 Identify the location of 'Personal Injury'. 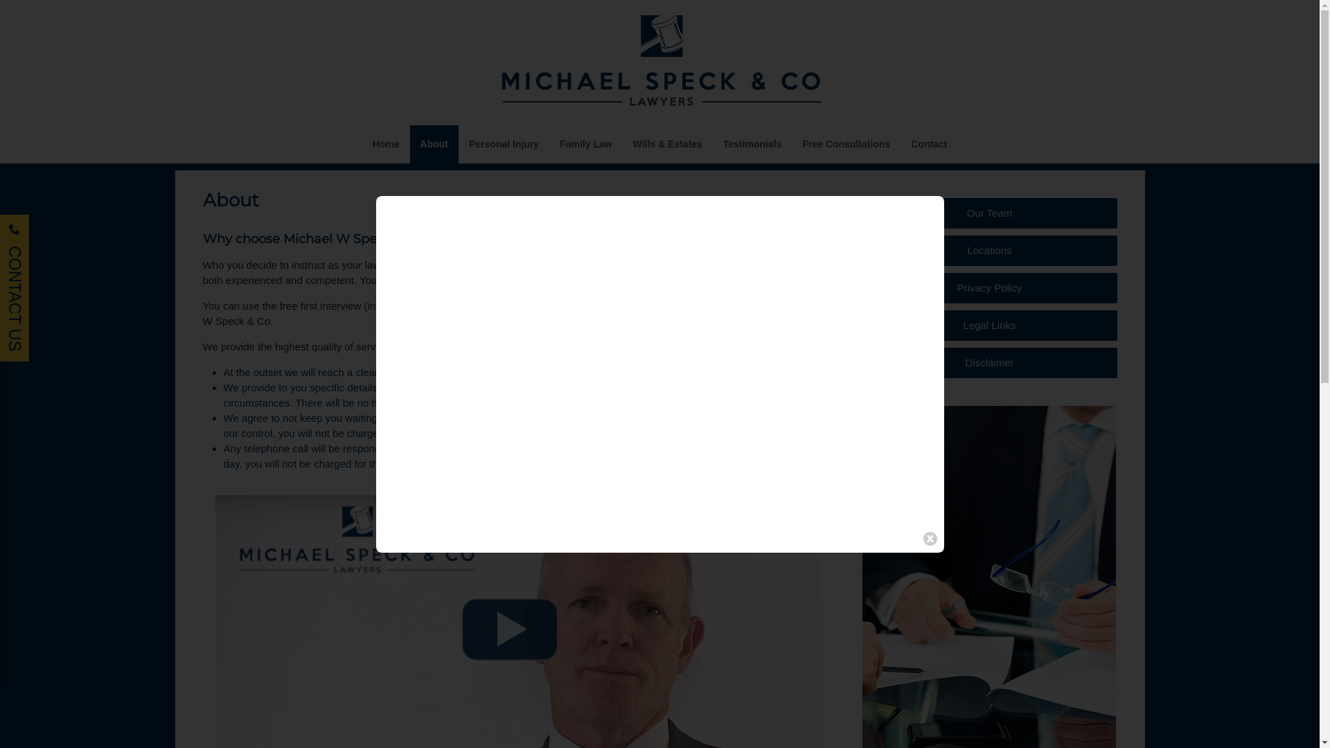
(503, 144).